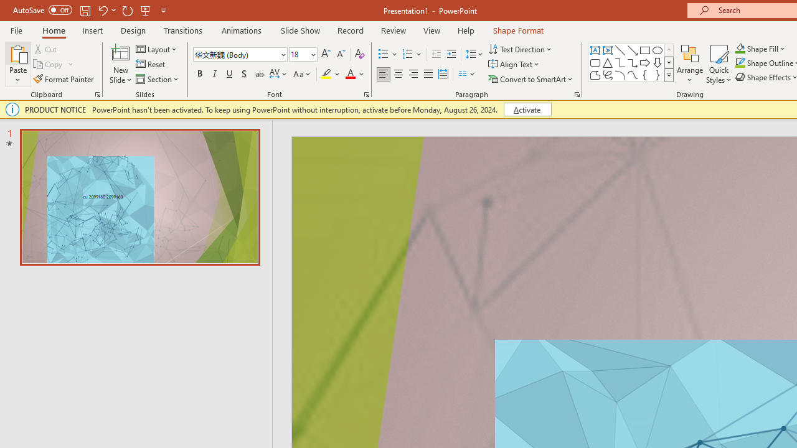  Describe the element at coordinates (740, 63) in the screenshot. I see `'Shape Outline Dark Red, Accent 1'` at that location.